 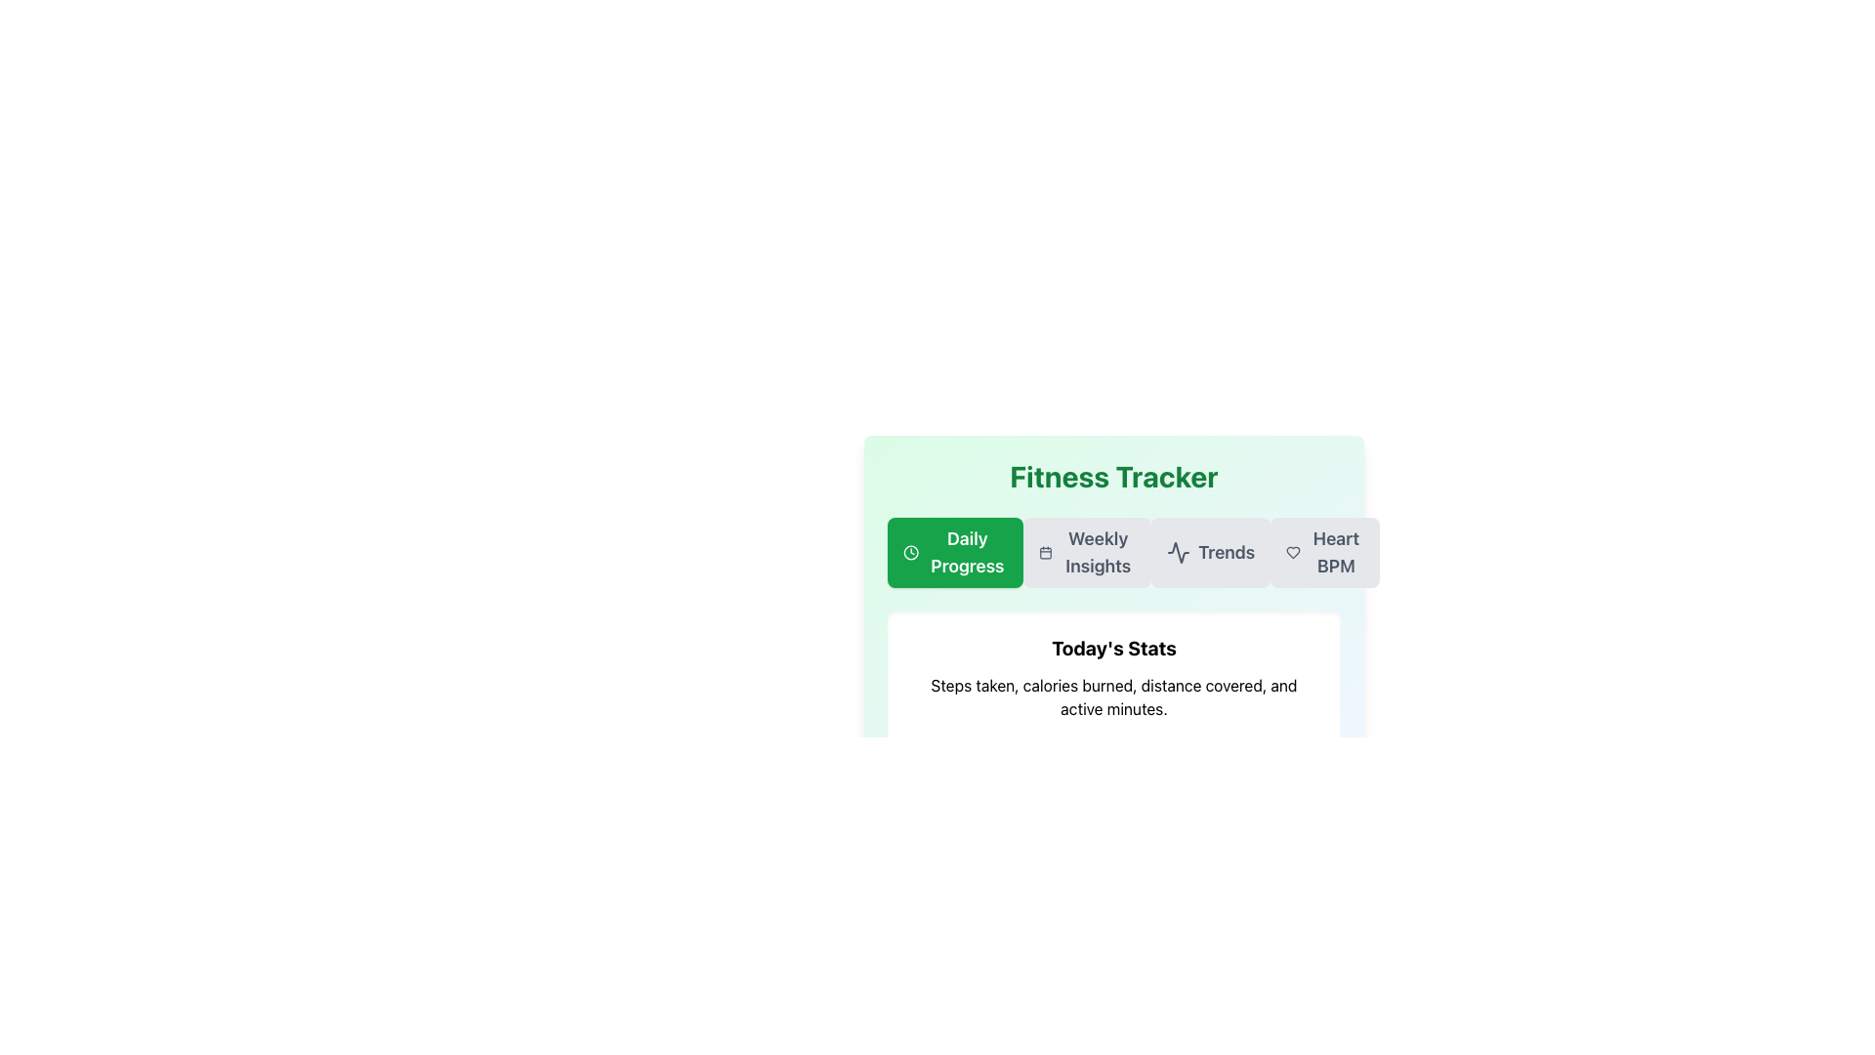 I want to click on the 'Daily Progress' button, which has a green background, rounded shape, and white text, so click(x=955, y=553).